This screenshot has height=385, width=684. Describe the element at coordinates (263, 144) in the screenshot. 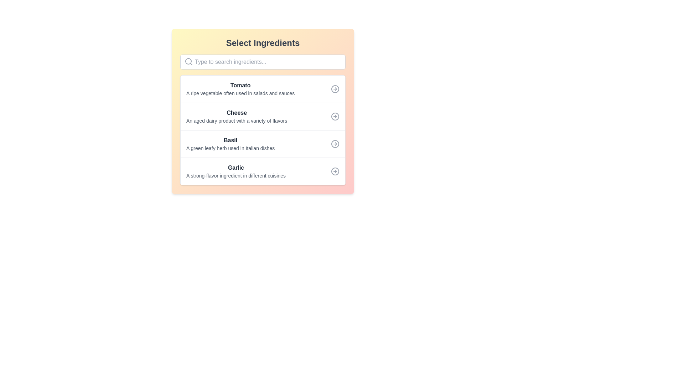

I see `the list item labeled 'Basil', which includes a description and an icon resembling a rightwards arrow` at that location.